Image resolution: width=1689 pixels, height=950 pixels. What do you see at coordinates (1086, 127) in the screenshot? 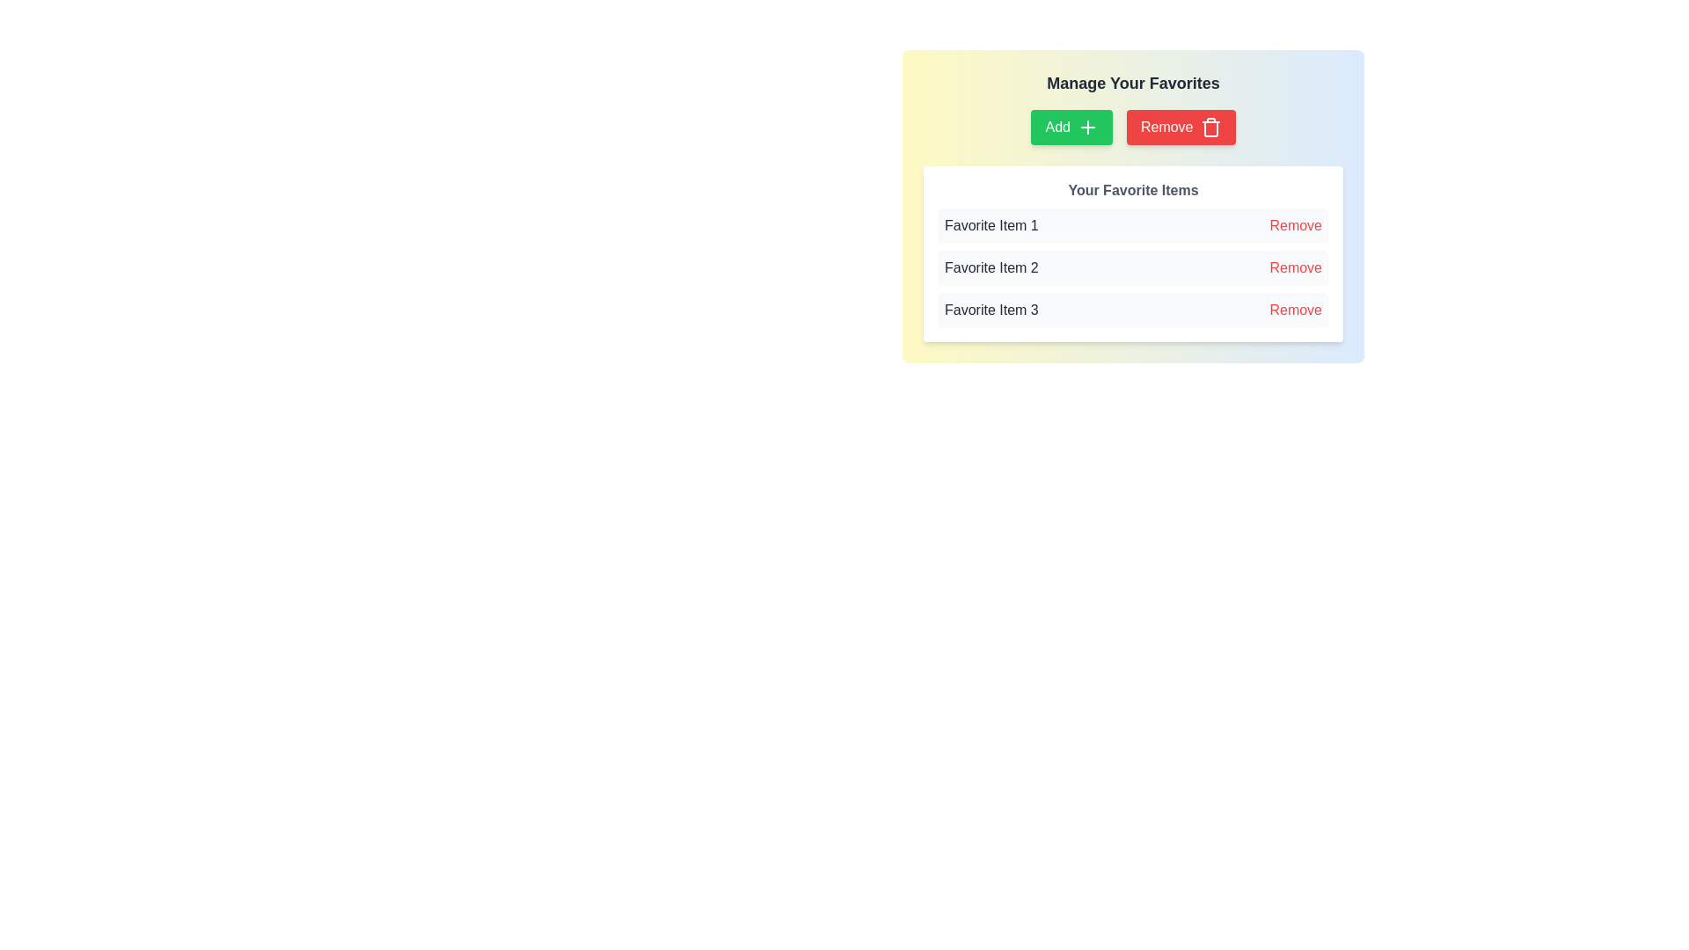
I see `the plus-shaped icon within the green 'Add' button located at the top-center of the 'Manage Your Favorites' panel` at bounding box center [1086, 127].